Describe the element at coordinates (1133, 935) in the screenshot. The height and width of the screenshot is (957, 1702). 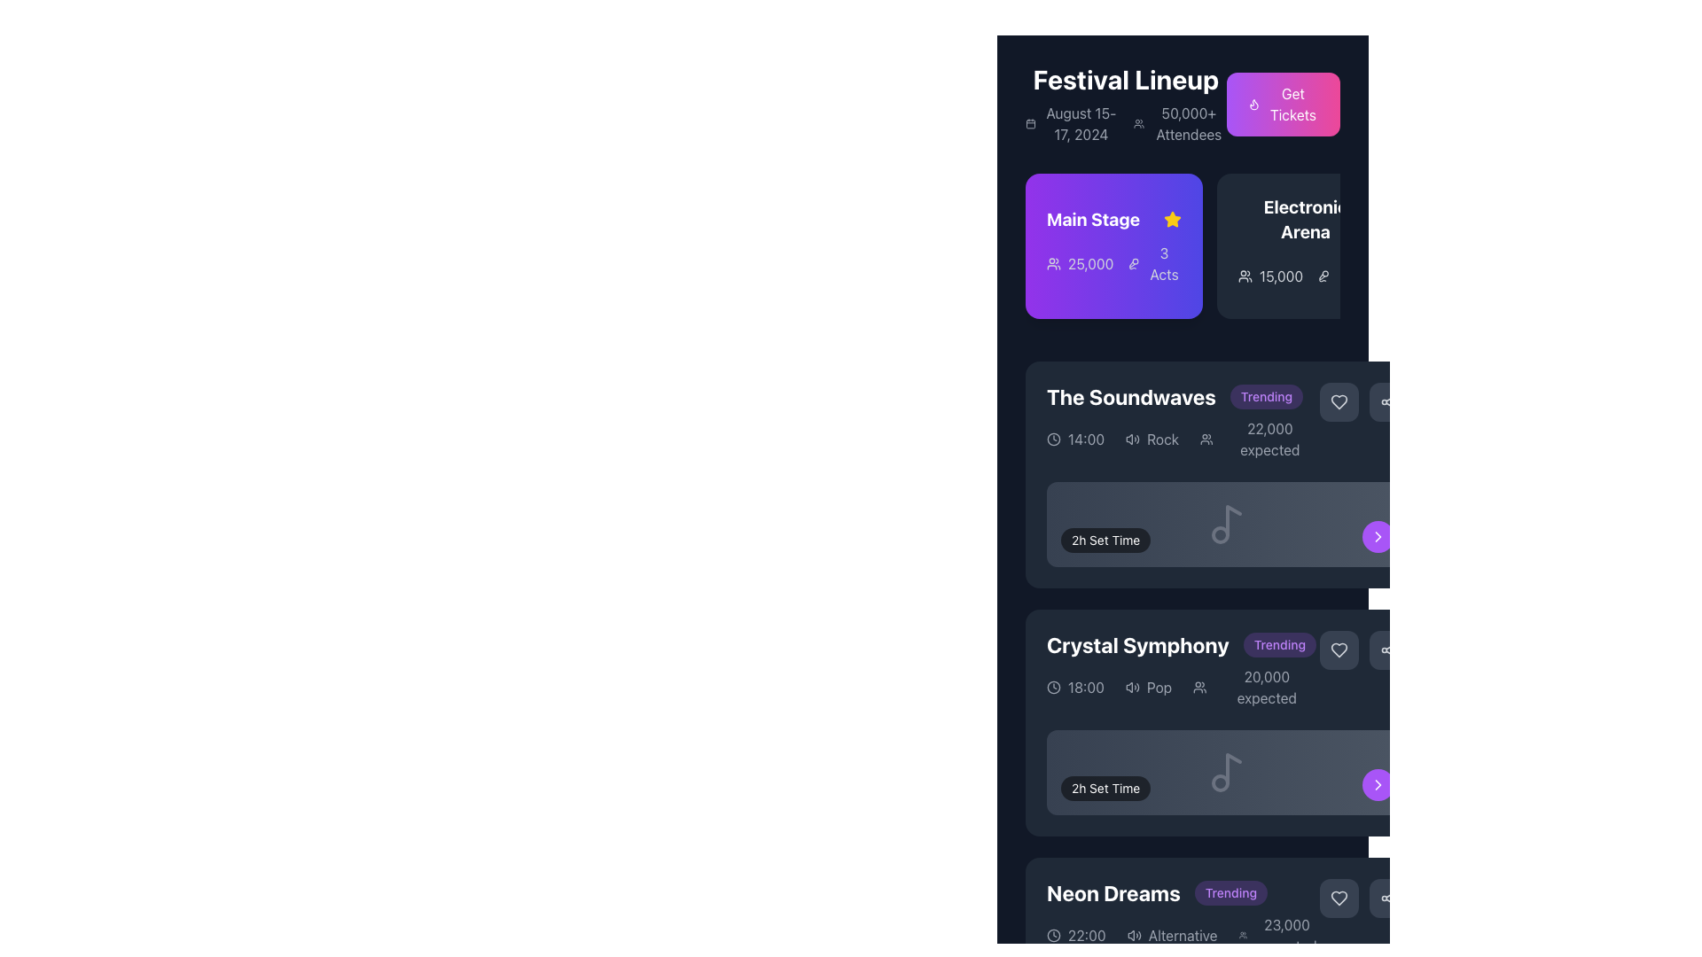
I see `the audio-related icon positioned to the left of the text 'Alternative' within the 'Neon Dreams' event entry` at that location.